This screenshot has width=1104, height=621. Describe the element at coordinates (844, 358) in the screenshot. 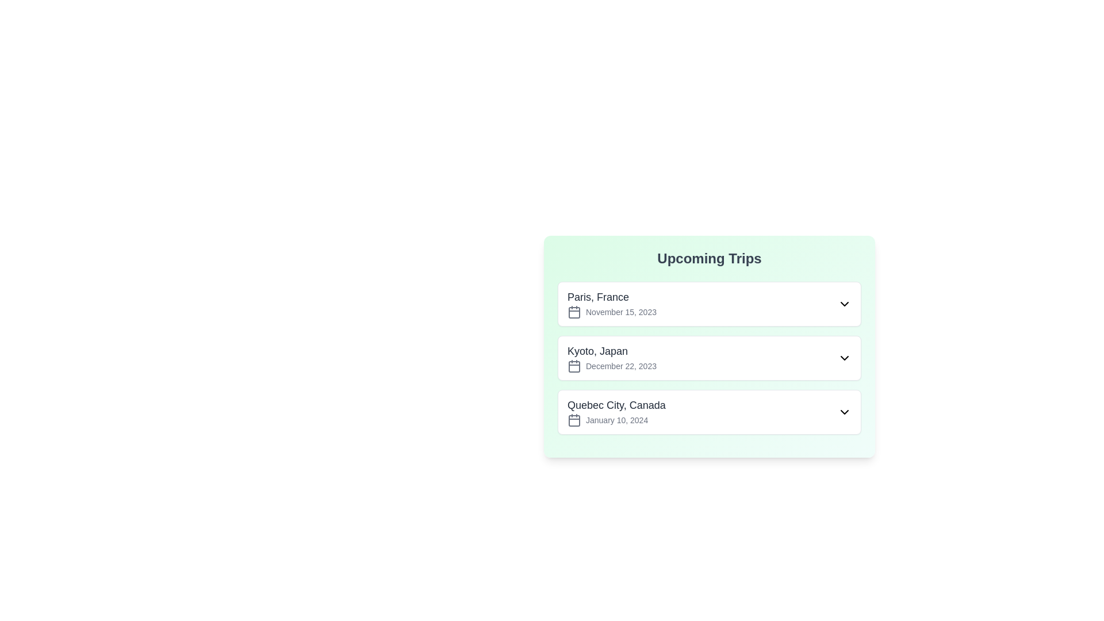

I see `the chevron icon located at the far right of the list item labeled 'Kyoto, Japan - December 22, 2023' to indicate interactivity` at that location.